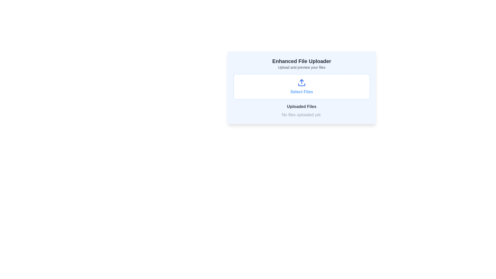 This screenshot has height=279, width=496. Describe the element at coordinates (301, 86) in the screenshot. I see `the 'Select Files' button with an upward-pointing upload icon for keyboard navigation` at that location.